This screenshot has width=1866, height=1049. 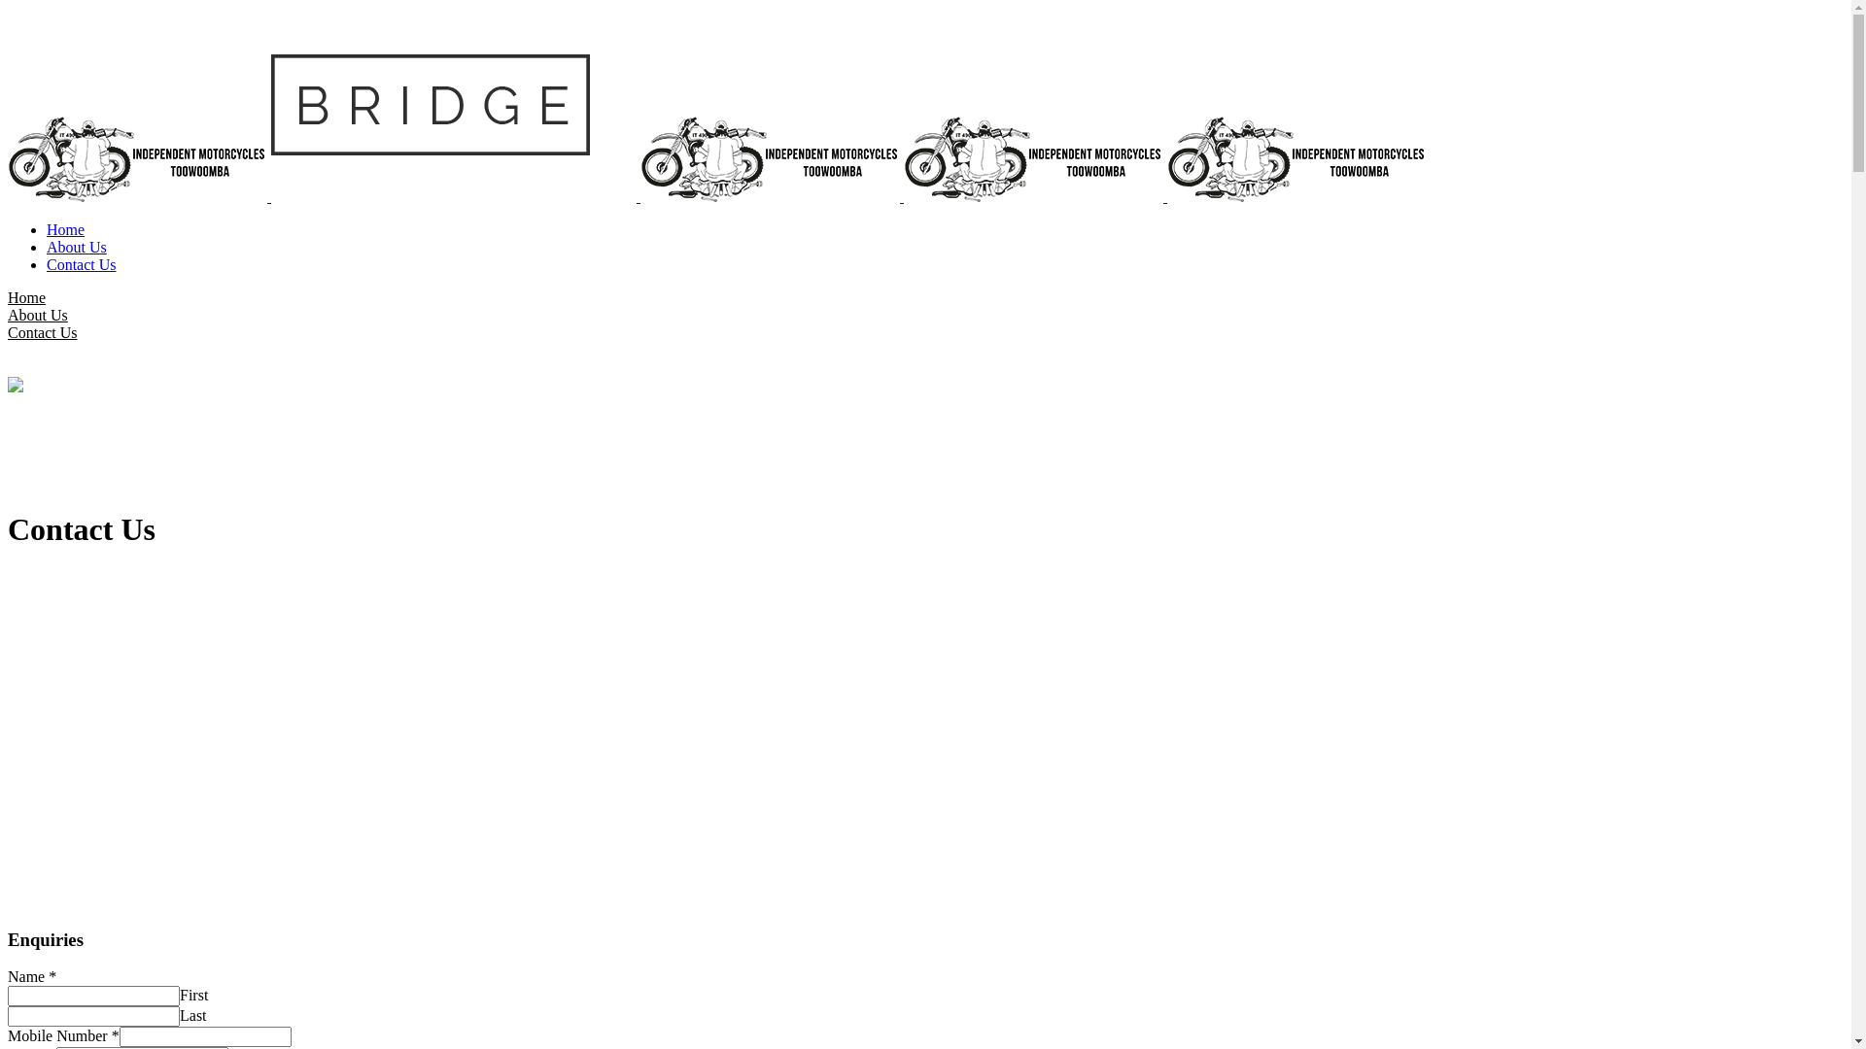 I want to click on 'About Us', so click(x=37, y=314).